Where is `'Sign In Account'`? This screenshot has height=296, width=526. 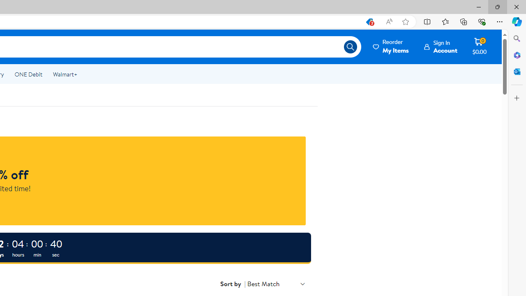 'Sign In Account' is located at coordinates (441, 46).